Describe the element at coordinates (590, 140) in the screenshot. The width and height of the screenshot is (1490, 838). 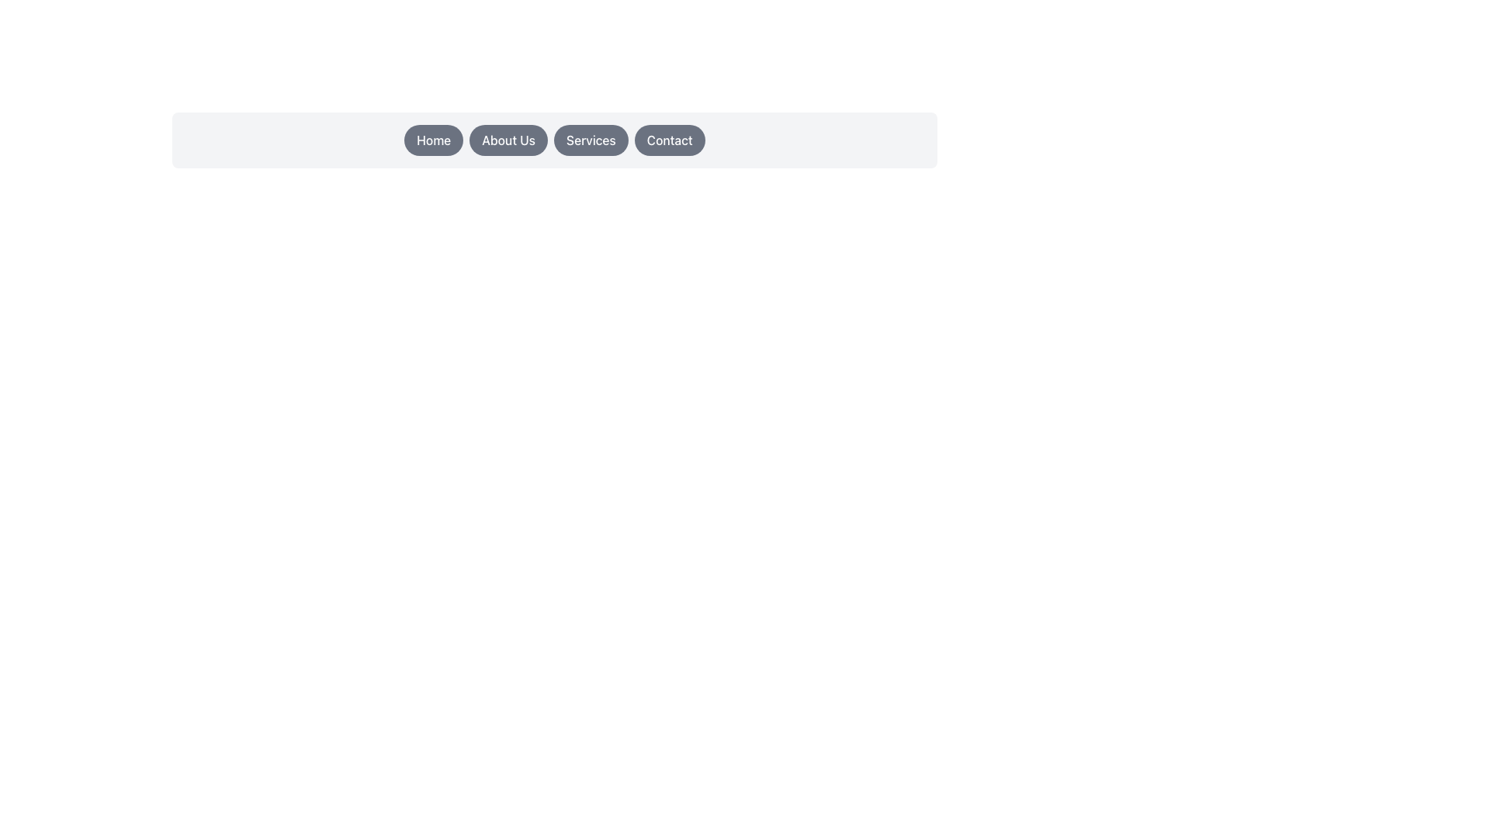
I see `the oval-shaped dark gray button labeled 'Services'` at that location.